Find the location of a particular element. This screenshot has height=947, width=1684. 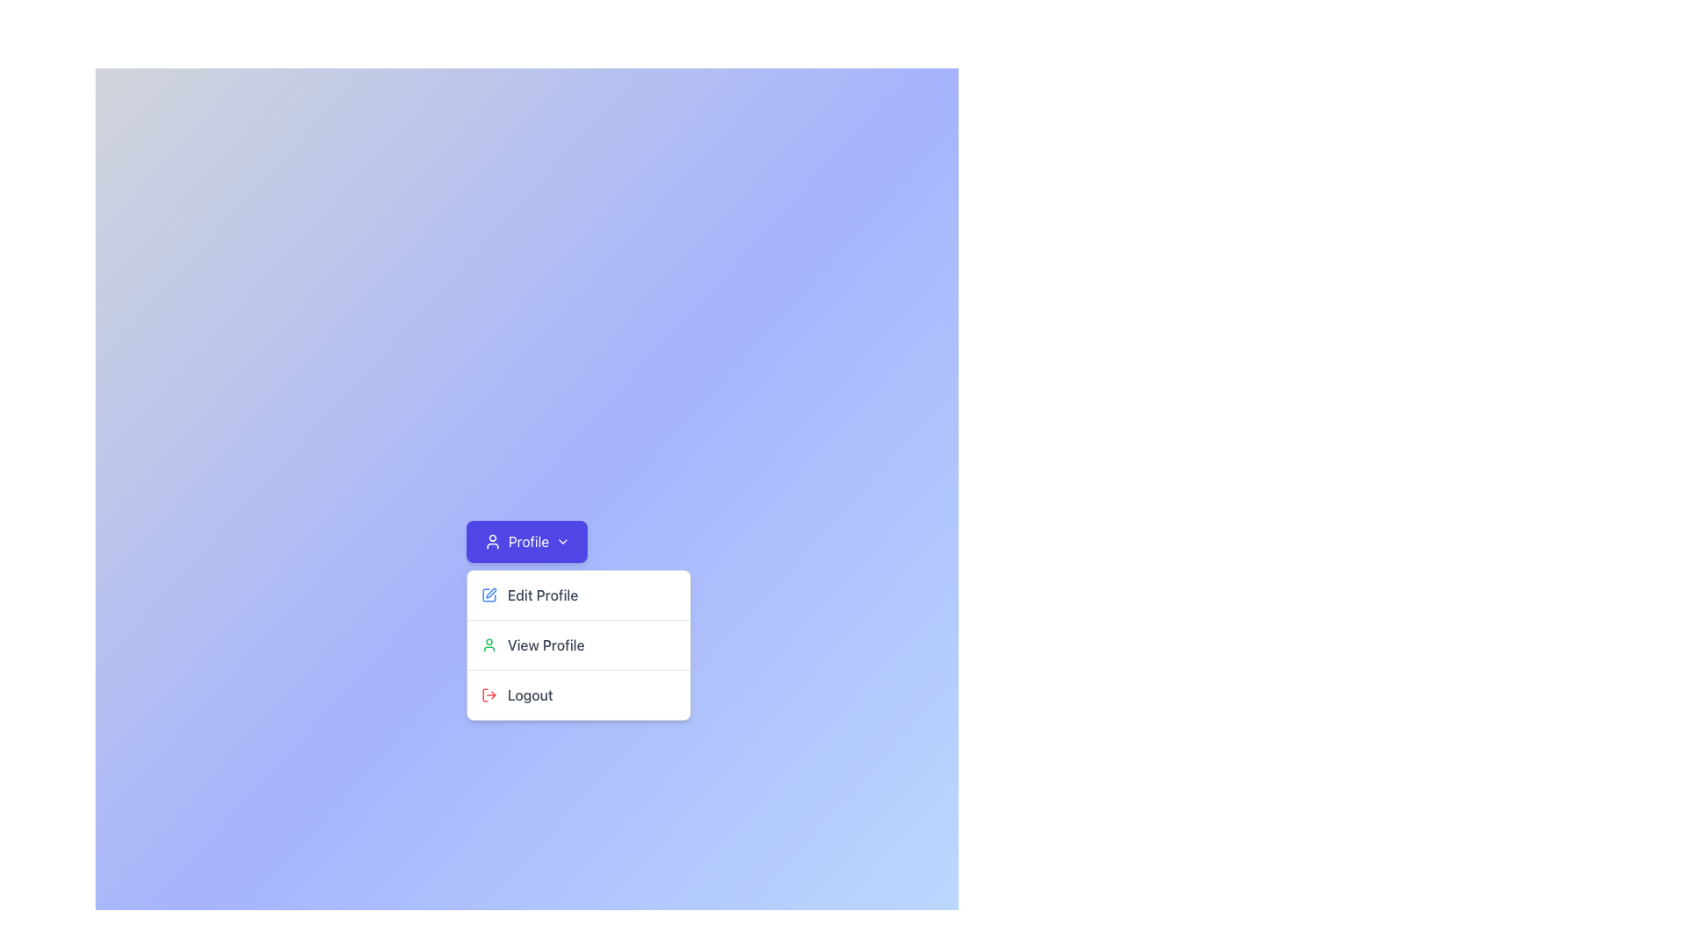

the editable icon within the 'Edit Profile' dropdown menu is located at coordinates (491, 592).